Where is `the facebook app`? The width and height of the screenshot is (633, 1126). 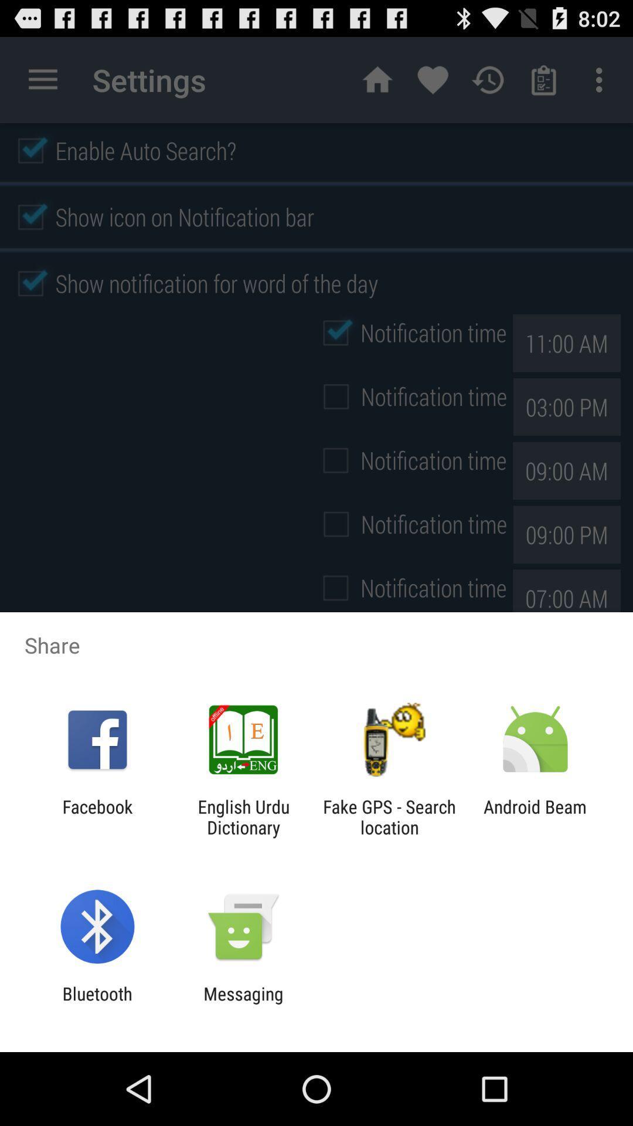
the facebook app is located at coordinates (97, 816).